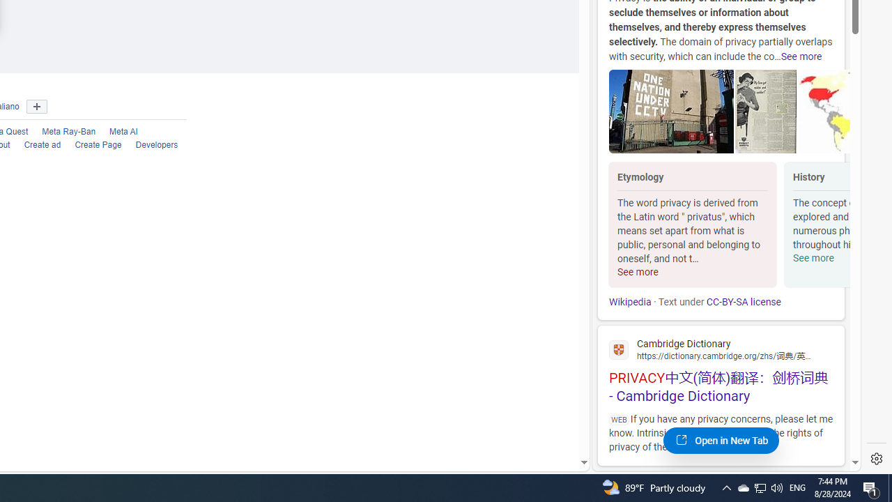 Image resolution: width=892 pixels, height=502 pixels. I want to click on 'Global web icon', so click(618, 349).